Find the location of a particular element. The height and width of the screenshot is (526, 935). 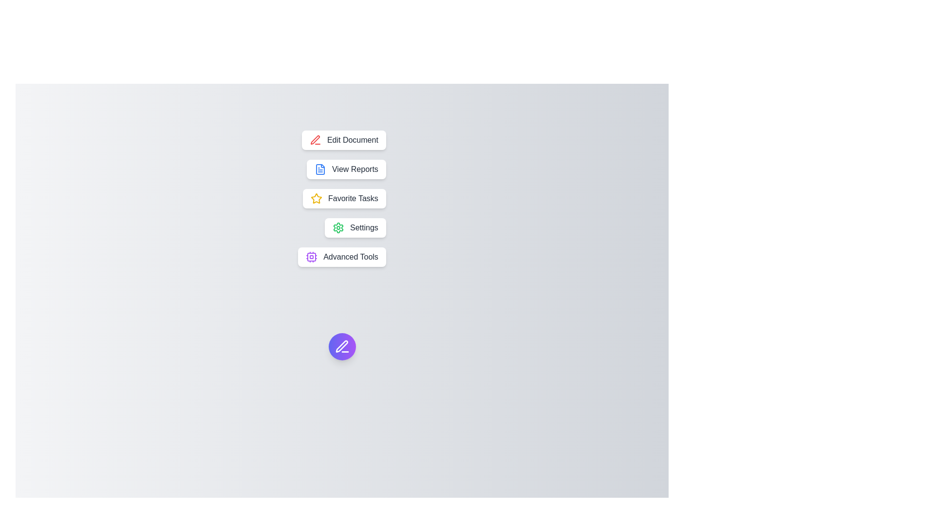

the 'Advanced Tools' button is located at coordinates (341, 257).